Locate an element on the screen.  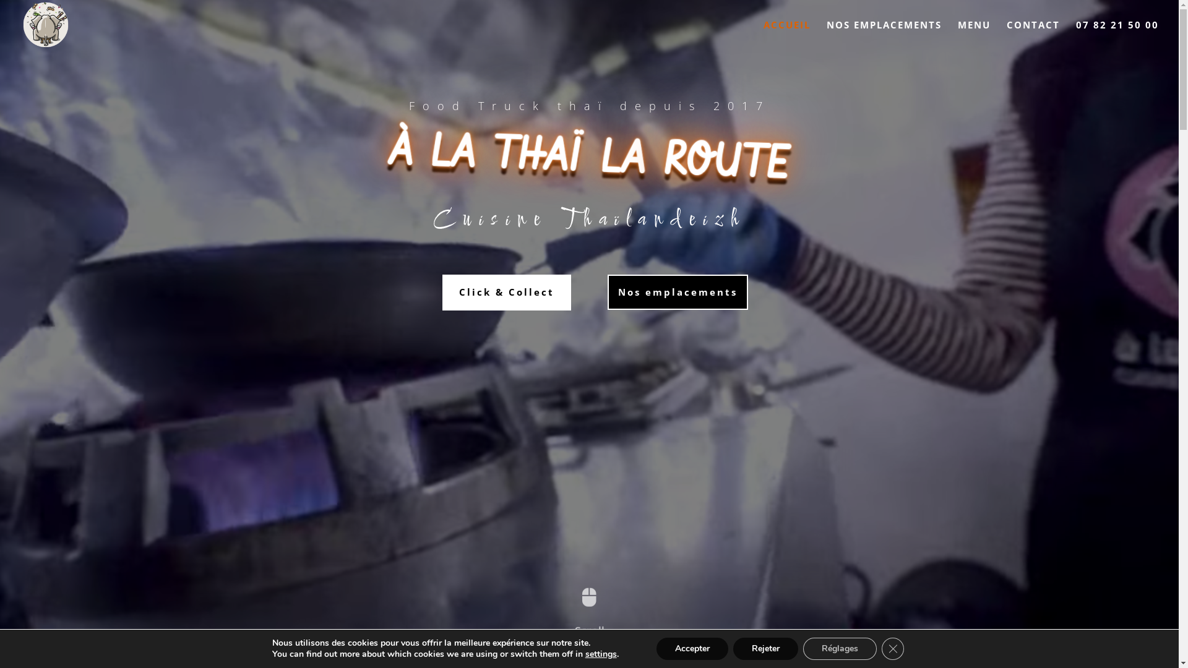
'MENU' is located at coordinates (973, 34).